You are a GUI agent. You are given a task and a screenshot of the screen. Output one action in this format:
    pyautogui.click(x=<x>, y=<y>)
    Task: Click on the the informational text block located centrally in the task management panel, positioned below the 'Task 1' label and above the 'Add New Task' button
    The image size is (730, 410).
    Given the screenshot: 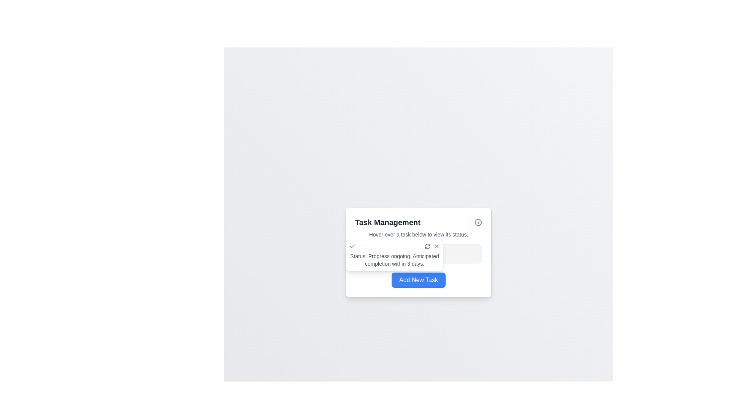 What is the action you would take?
    pyautogui.click(x=418, y=254)
    